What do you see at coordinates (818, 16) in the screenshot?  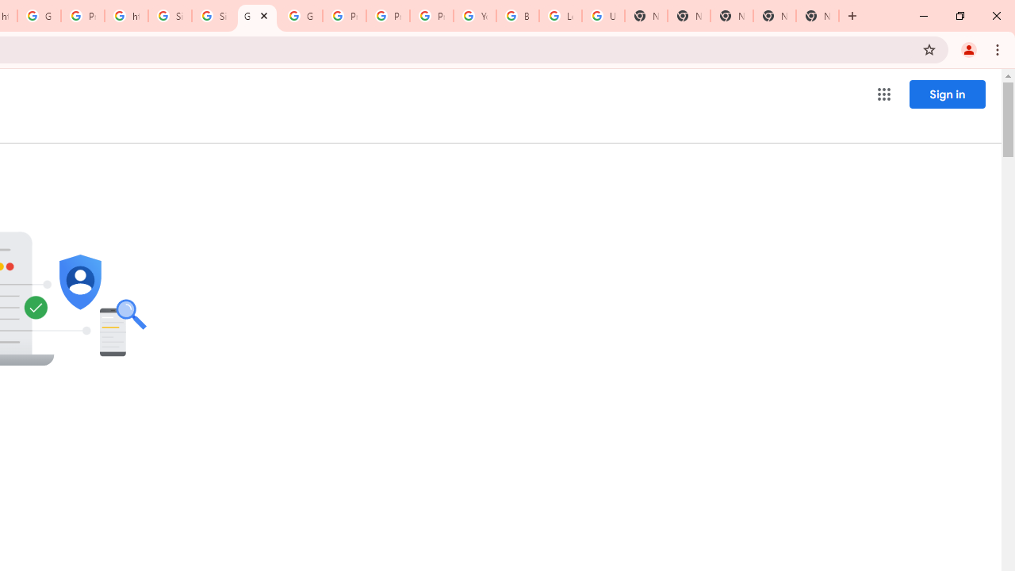 I see `'New Tab'` at bounding box center [818, 16].